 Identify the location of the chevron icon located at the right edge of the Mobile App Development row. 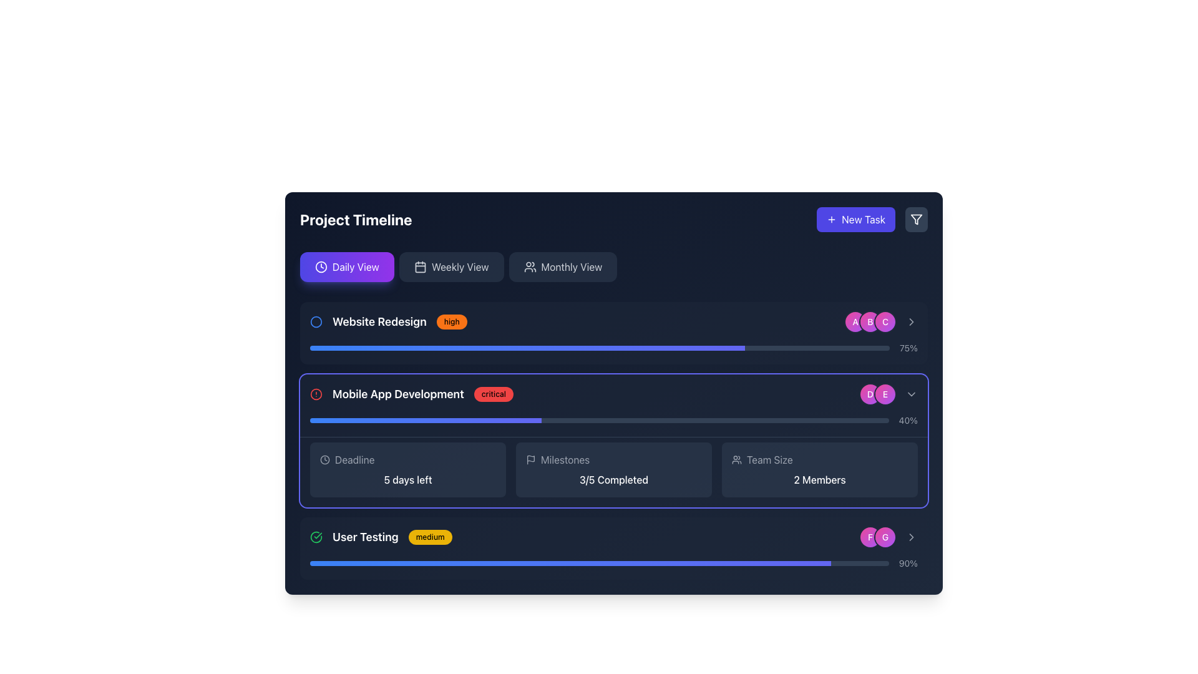
(911, 394).